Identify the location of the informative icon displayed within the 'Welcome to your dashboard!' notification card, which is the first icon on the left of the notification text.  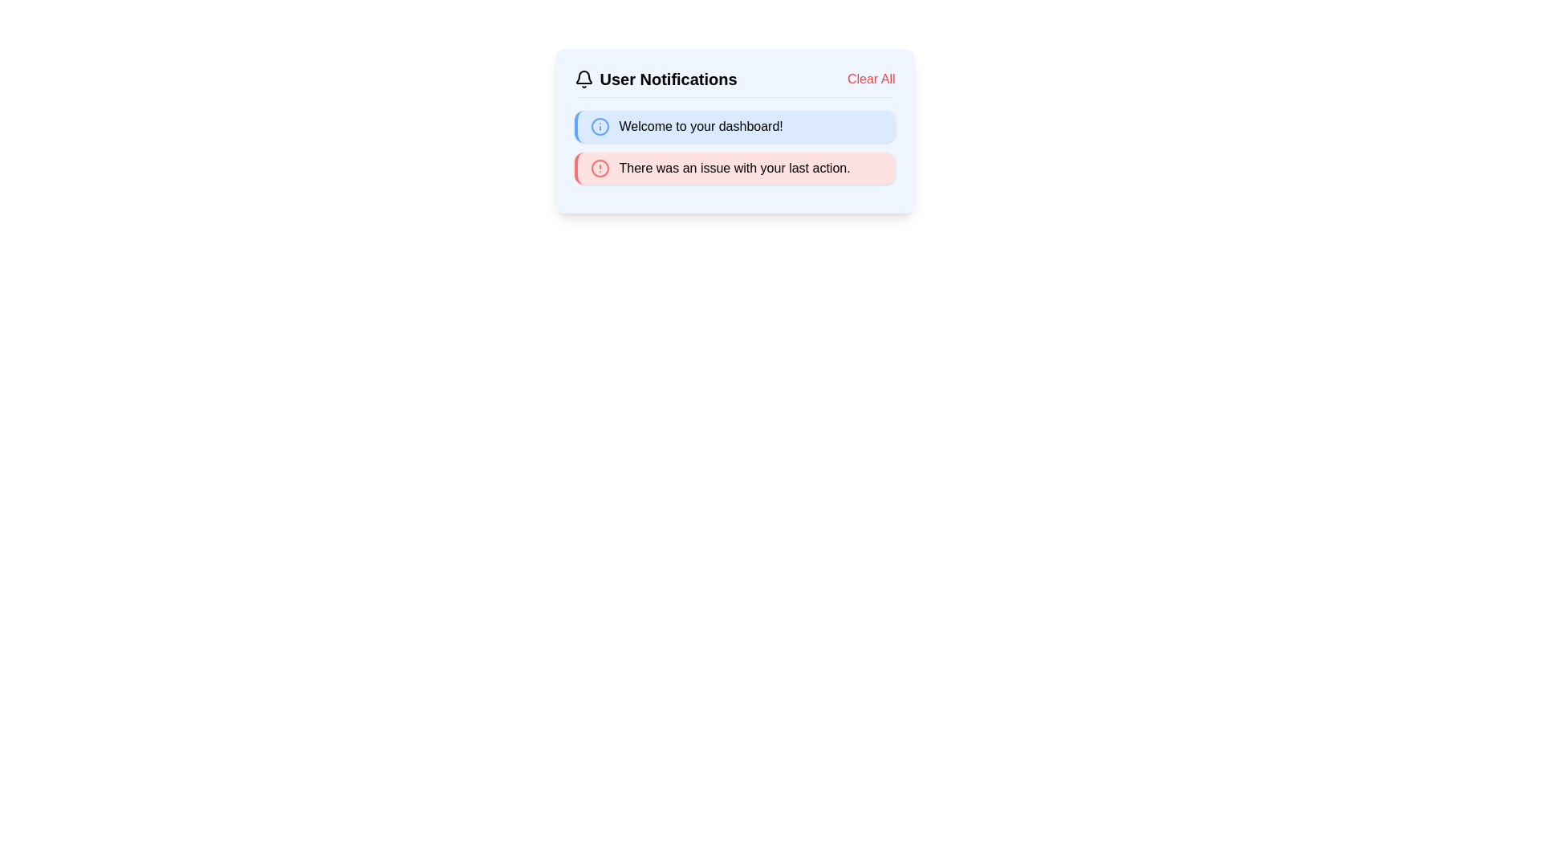
(599, 126).